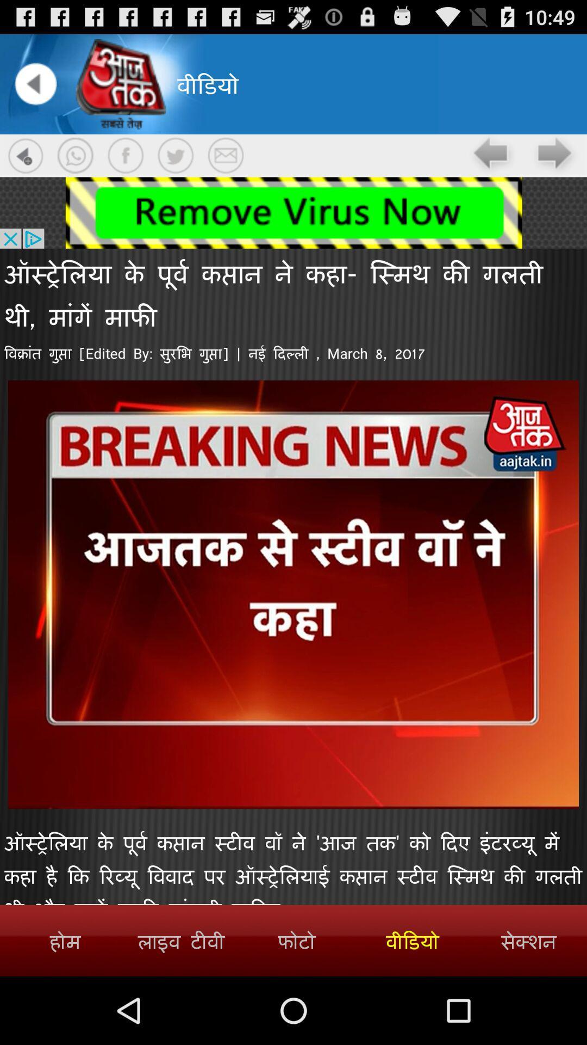  I want to click on the arrow_backward icon, so click(35, 90).